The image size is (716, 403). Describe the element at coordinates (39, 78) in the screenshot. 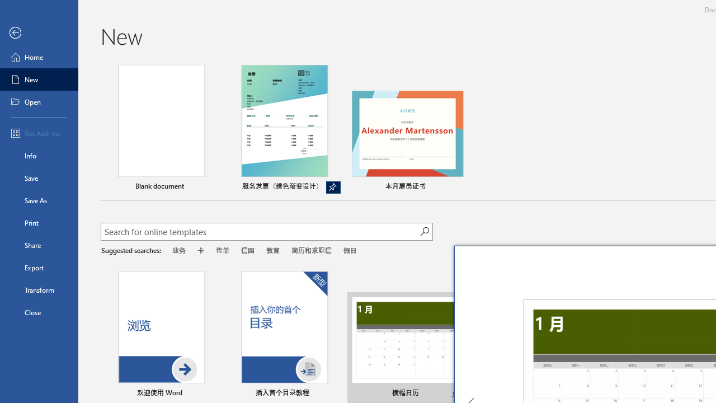

I see `'New'` at that location.